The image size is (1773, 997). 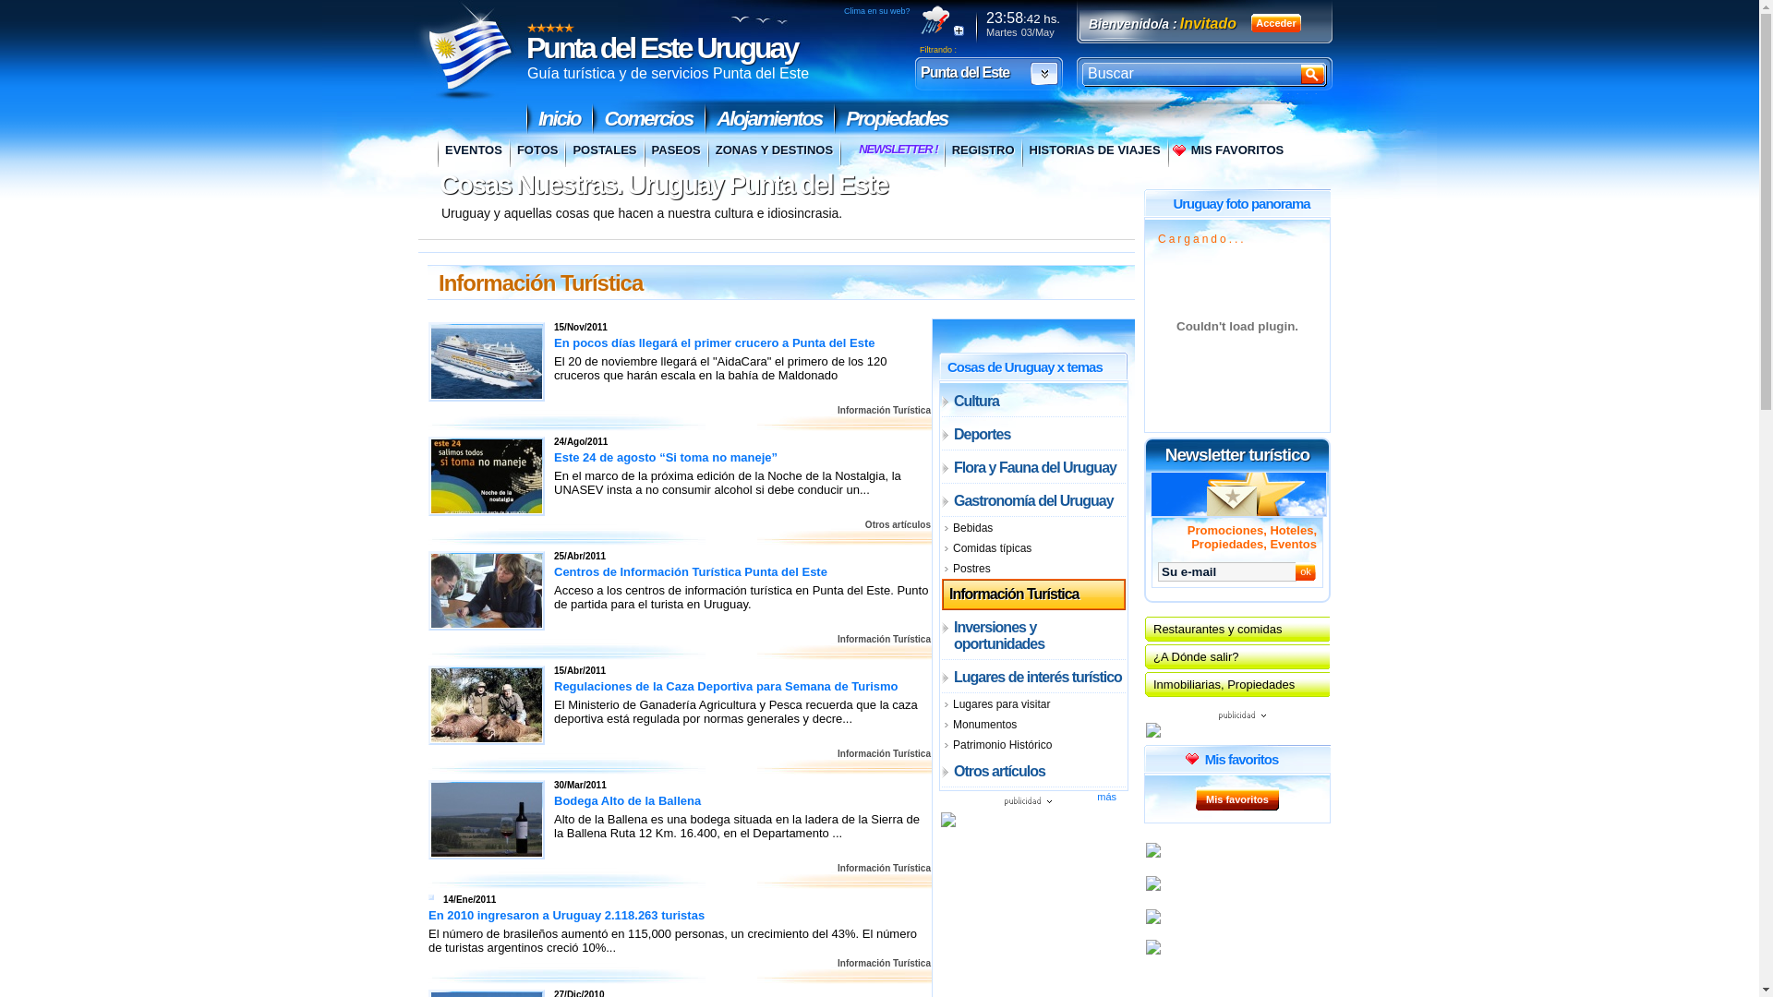 I want to click on 'NEWSLETTER !', so click(x=898, y=150).